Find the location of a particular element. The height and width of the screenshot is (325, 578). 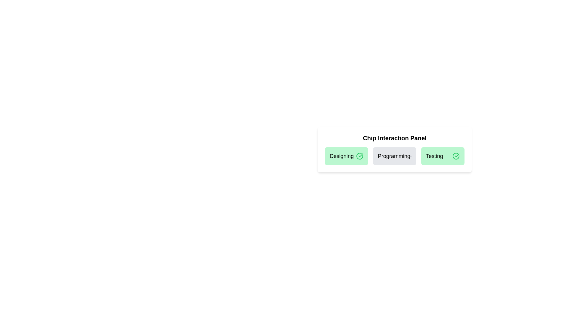

the chip labeled Designing is located at coordinates (346, 156).